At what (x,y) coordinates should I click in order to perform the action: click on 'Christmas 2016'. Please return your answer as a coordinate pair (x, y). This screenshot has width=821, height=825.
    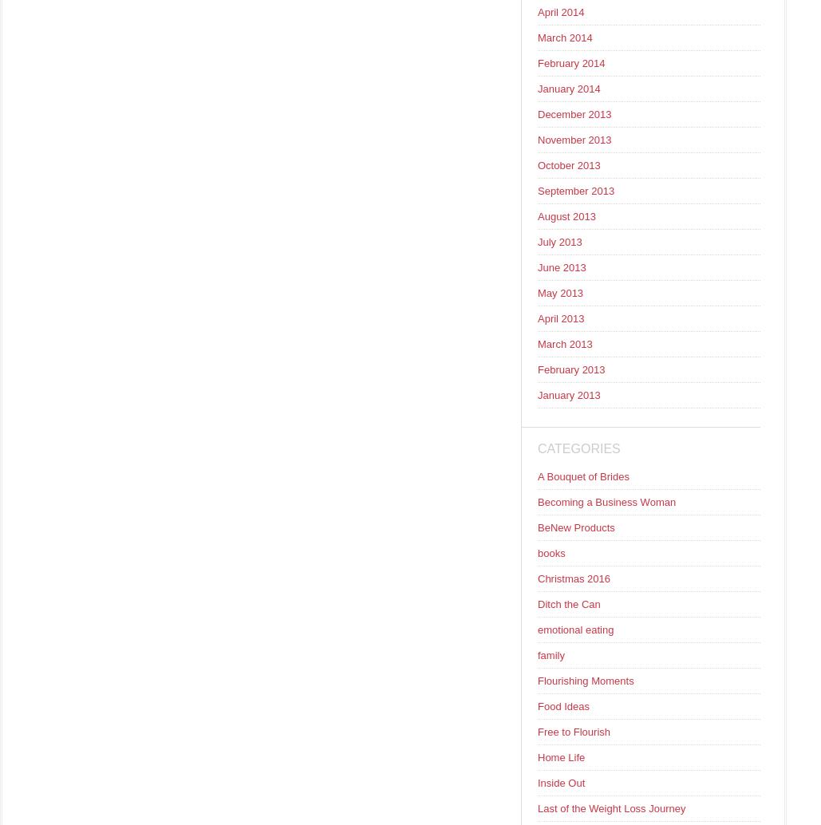
    Looking at the image, I should click on (573, 578).